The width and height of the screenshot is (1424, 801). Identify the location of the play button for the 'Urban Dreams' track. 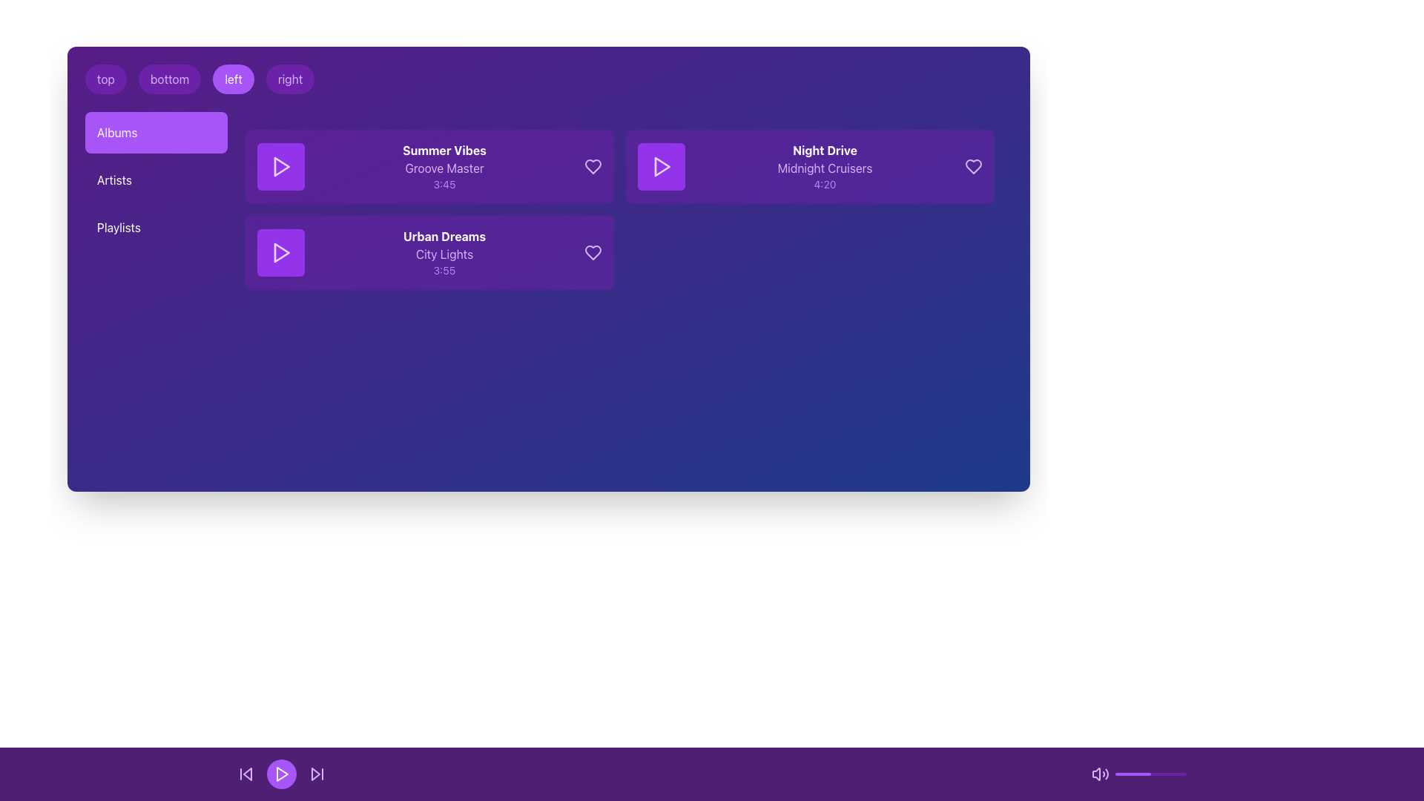
(281, 251).